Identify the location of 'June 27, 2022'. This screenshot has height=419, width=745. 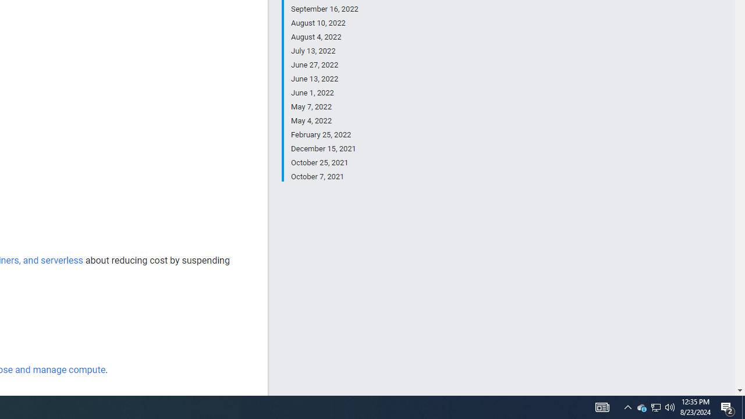
(324, 65).